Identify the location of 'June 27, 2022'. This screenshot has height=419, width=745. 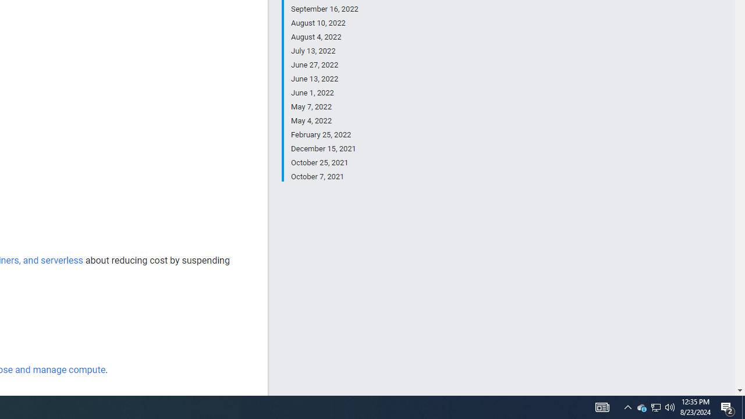
(324, 65).